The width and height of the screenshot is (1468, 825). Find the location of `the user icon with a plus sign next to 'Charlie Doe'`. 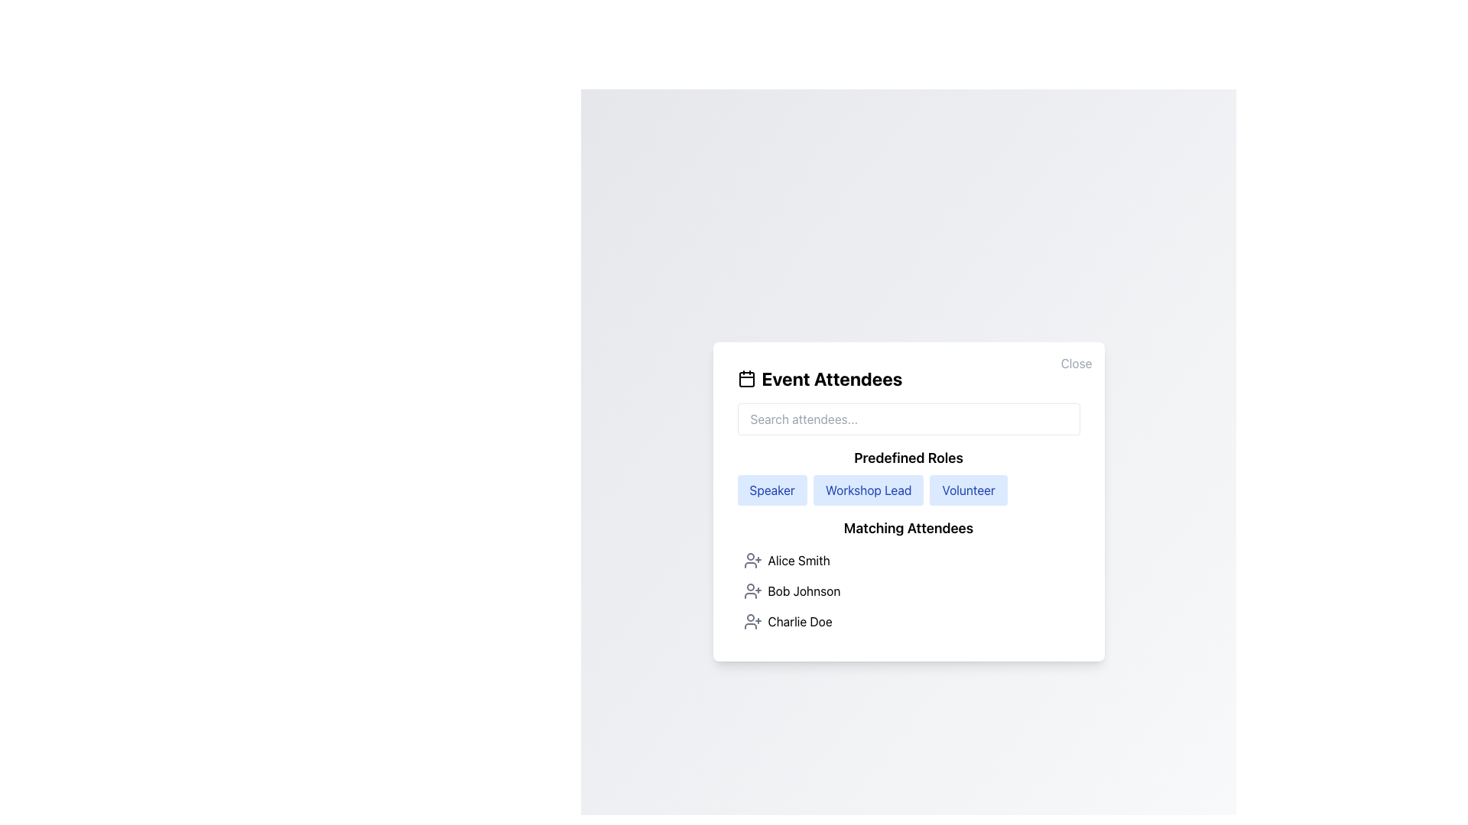

the user icon with a plus sign next to 'Charlie Doe' is located at coordinates (752, 621).